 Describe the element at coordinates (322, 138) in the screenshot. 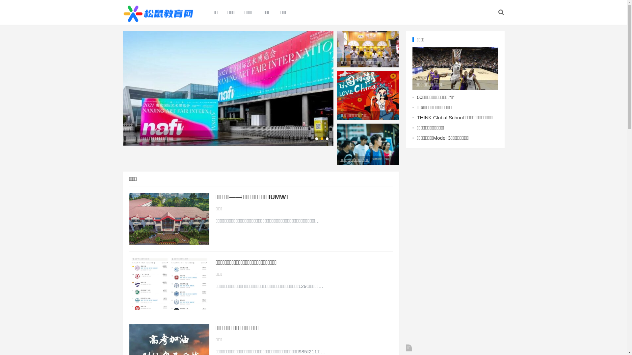

I see `'2'` at that location.